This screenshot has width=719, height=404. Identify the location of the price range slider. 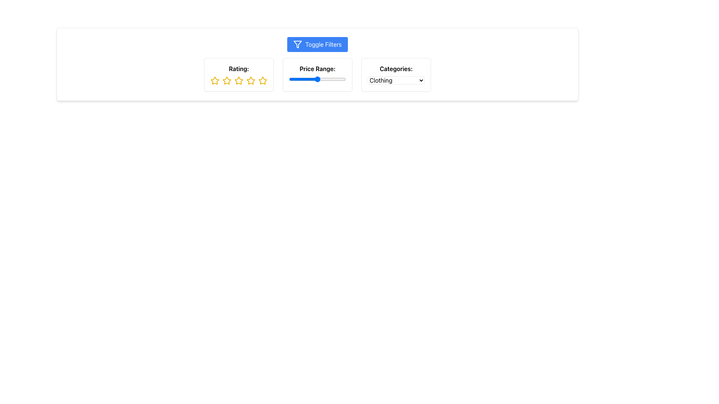
(332, 79).